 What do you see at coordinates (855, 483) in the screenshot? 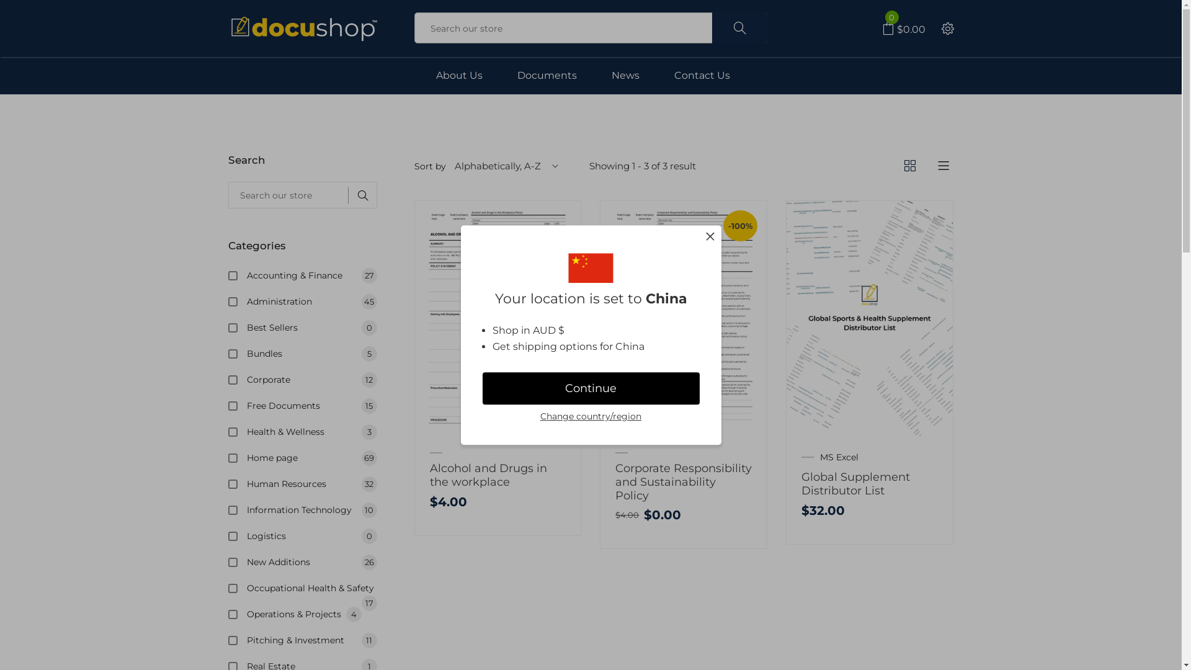
I see `'Global Supplement Distributor List'` at bounding box center [855, 483].